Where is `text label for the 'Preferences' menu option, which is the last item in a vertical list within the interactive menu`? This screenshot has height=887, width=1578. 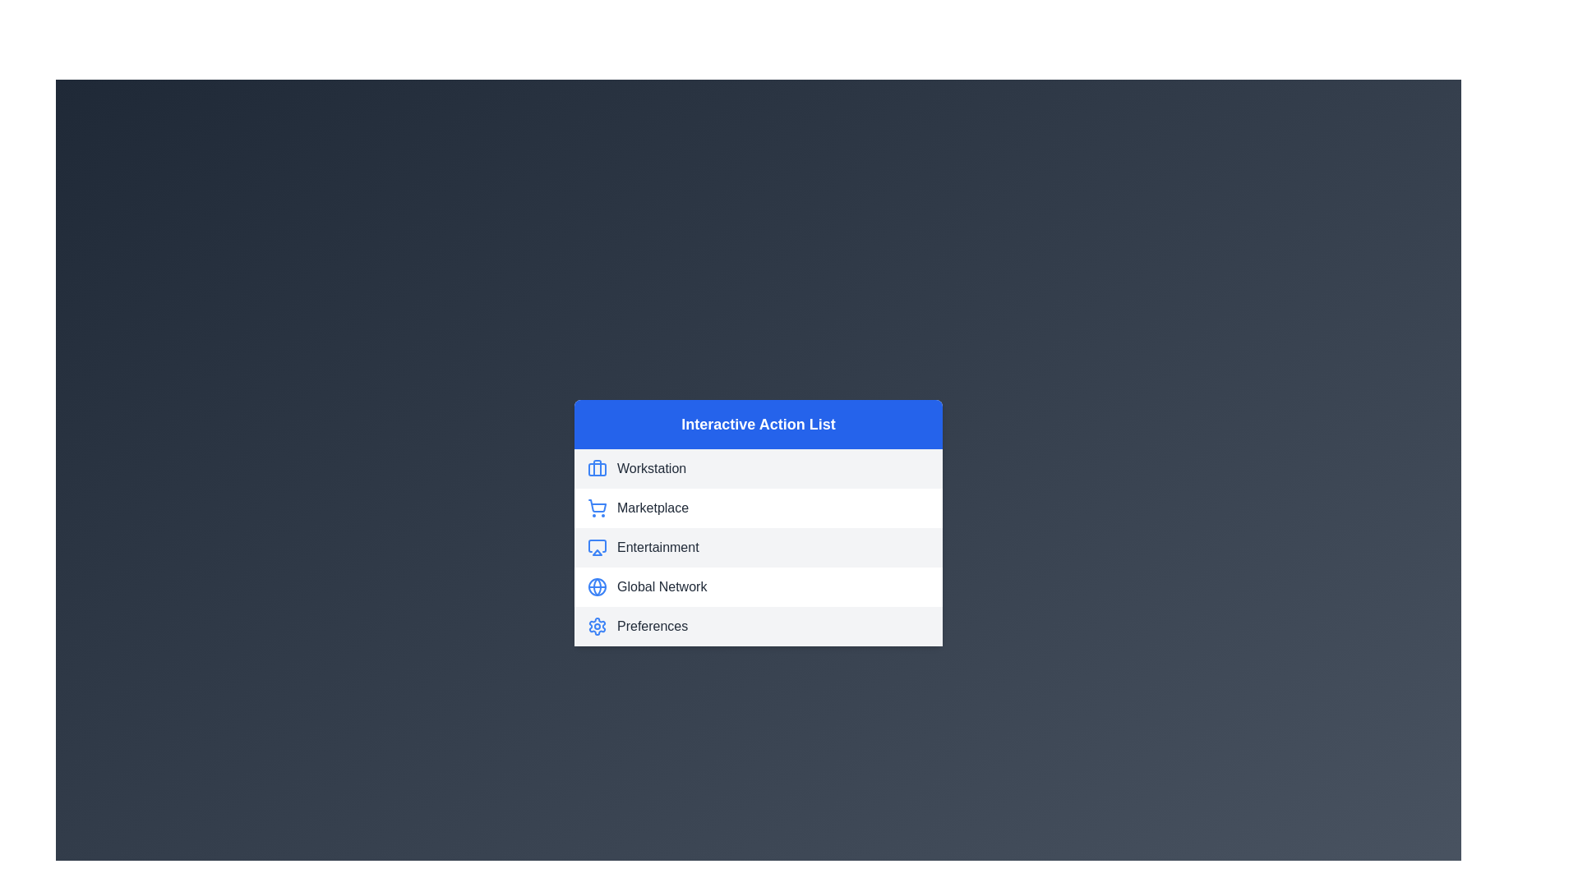 text label for the 'Preferences' menu option, which is the last item in a vertical list within the interactive menu is located at coordinates (652, 627).